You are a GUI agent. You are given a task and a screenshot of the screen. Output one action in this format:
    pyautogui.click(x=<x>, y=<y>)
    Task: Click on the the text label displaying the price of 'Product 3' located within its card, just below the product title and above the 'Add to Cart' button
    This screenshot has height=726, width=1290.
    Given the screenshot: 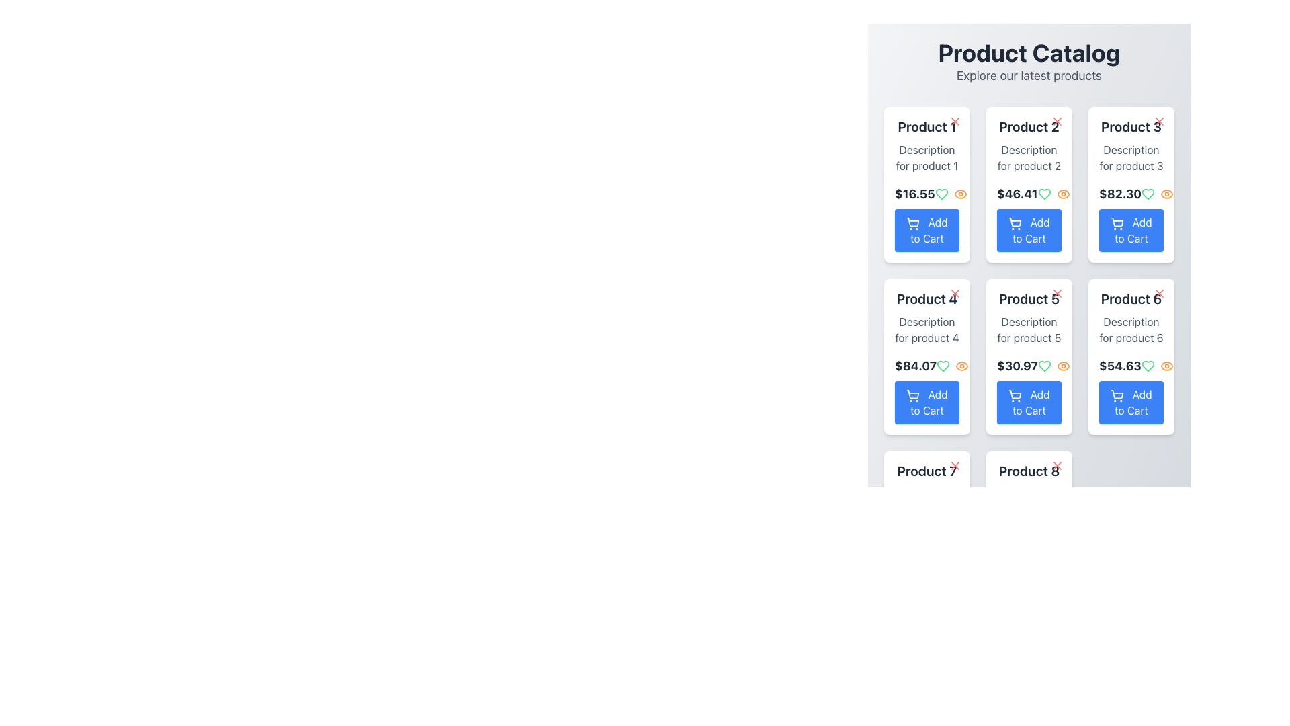 What is the action you would take?
    pyautogui.click(x=1120, y=194)
    